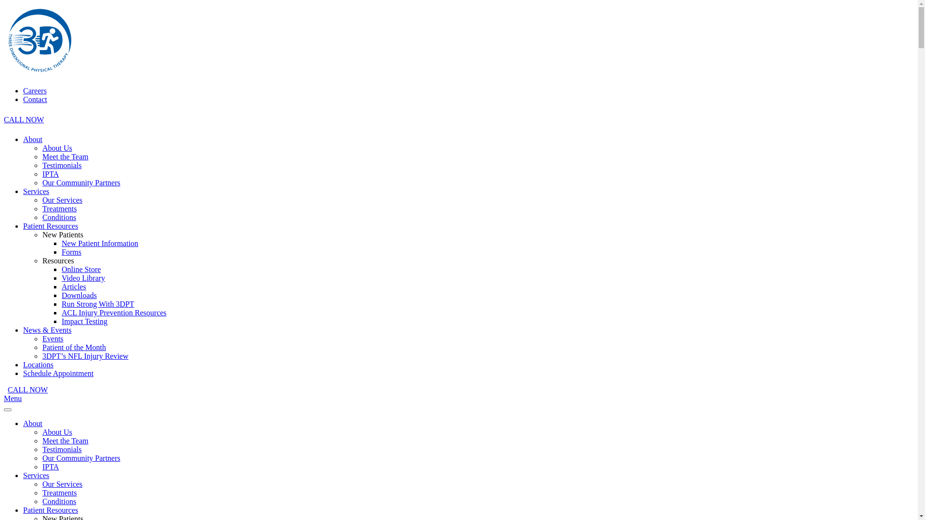 The image size is (925, 520). I want to click on 'Articles', so click(61, 286).